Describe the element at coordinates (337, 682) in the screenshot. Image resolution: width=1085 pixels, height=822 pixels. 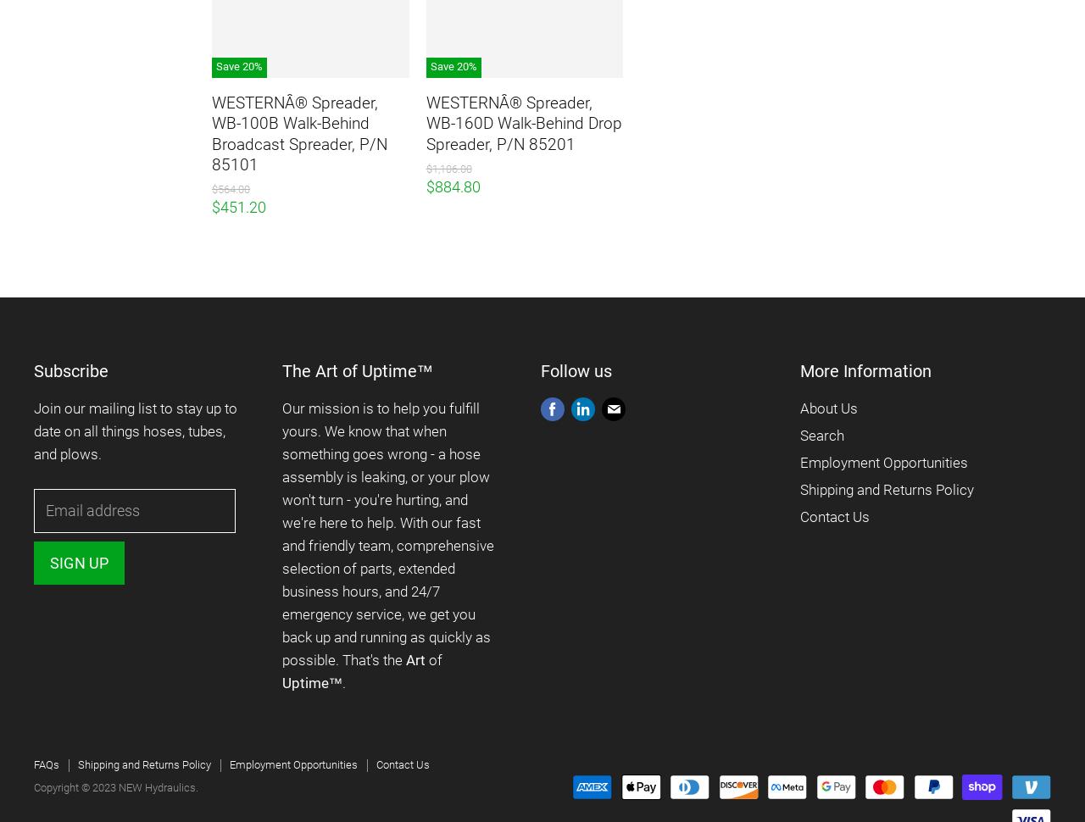
I see `'™.'` at that location.